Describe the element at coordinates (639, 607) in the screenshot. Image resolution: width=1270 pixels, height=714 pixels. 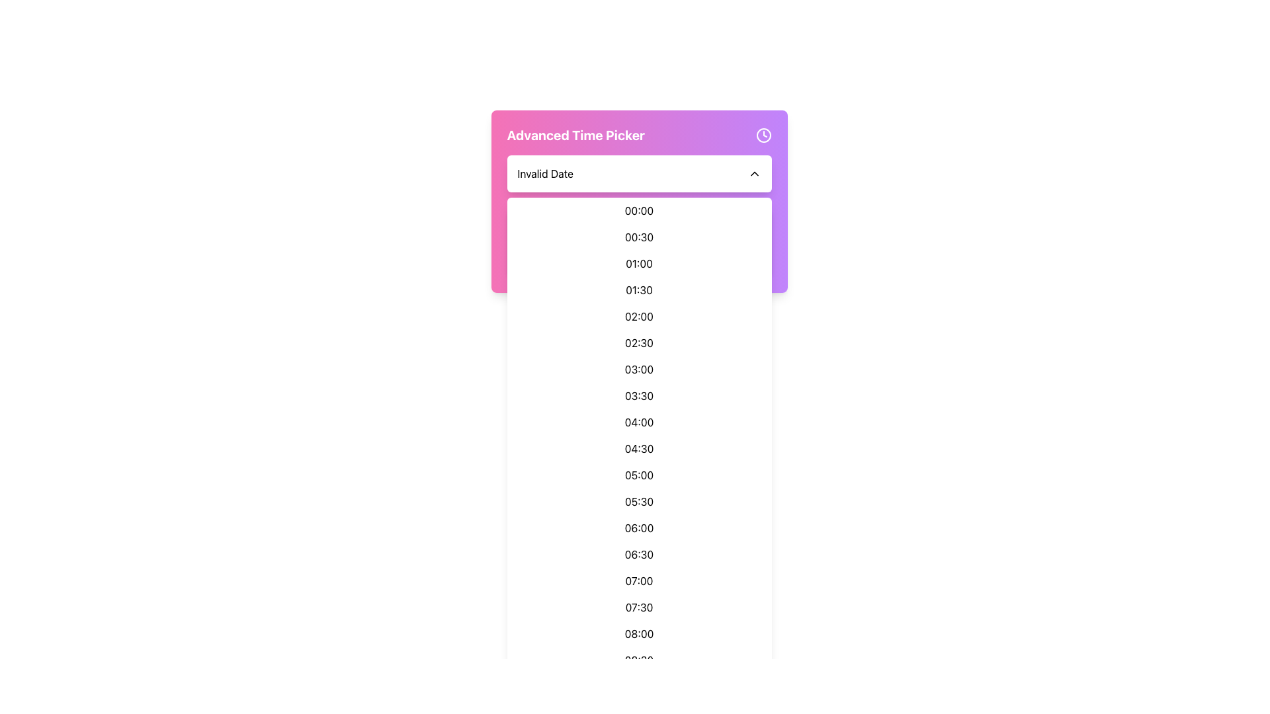
I see `the selectable list item representing the time entry '07:30' in the dropdown menu` at that location.